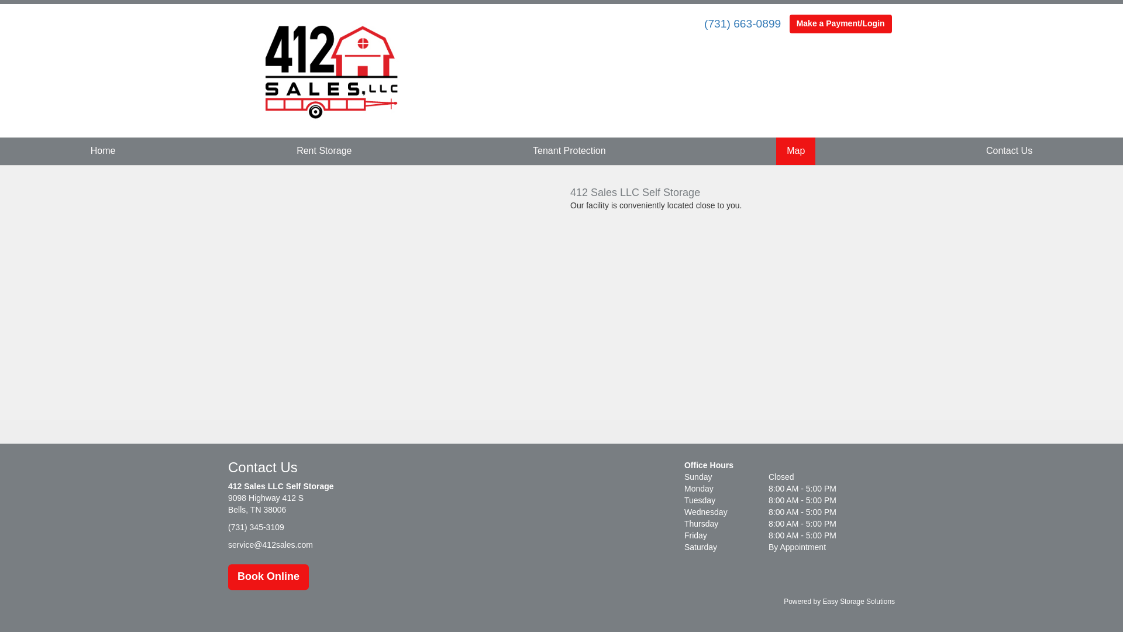  I want to click on 'Contact Us', so click(1008, 150).